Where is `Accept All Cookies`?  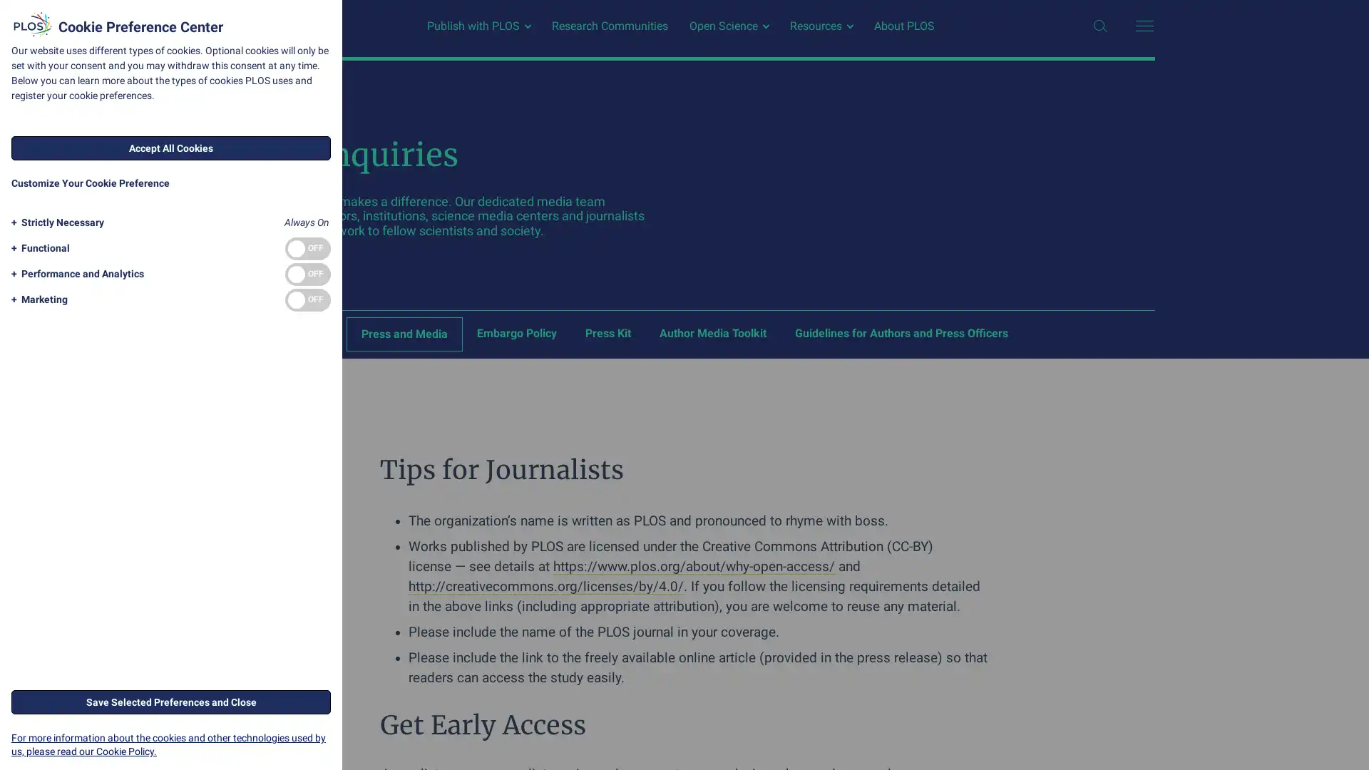 Accept All Cookies is located at coordinates (171, 148).